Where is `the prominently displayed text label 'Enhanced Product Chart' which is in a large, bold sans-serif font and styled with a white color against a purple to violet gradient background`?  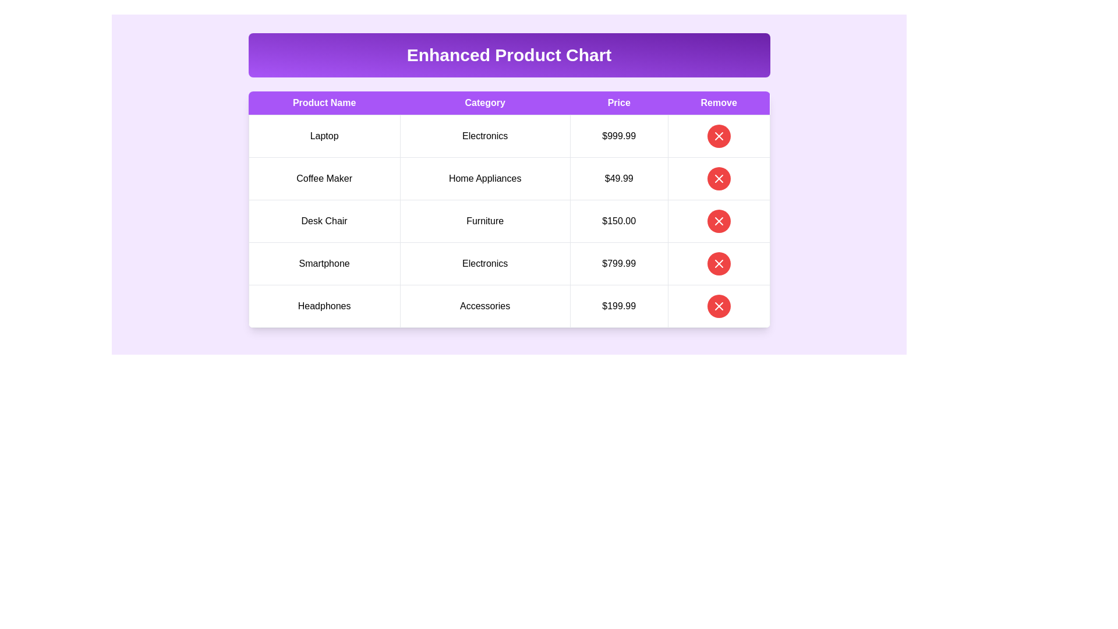 the prominently displayed text label 'Enhanced Product Chart' which is in a large, bold sans-serif font and styled with a white color against a purple to violet gradient background is located at coordinates (509, 55).